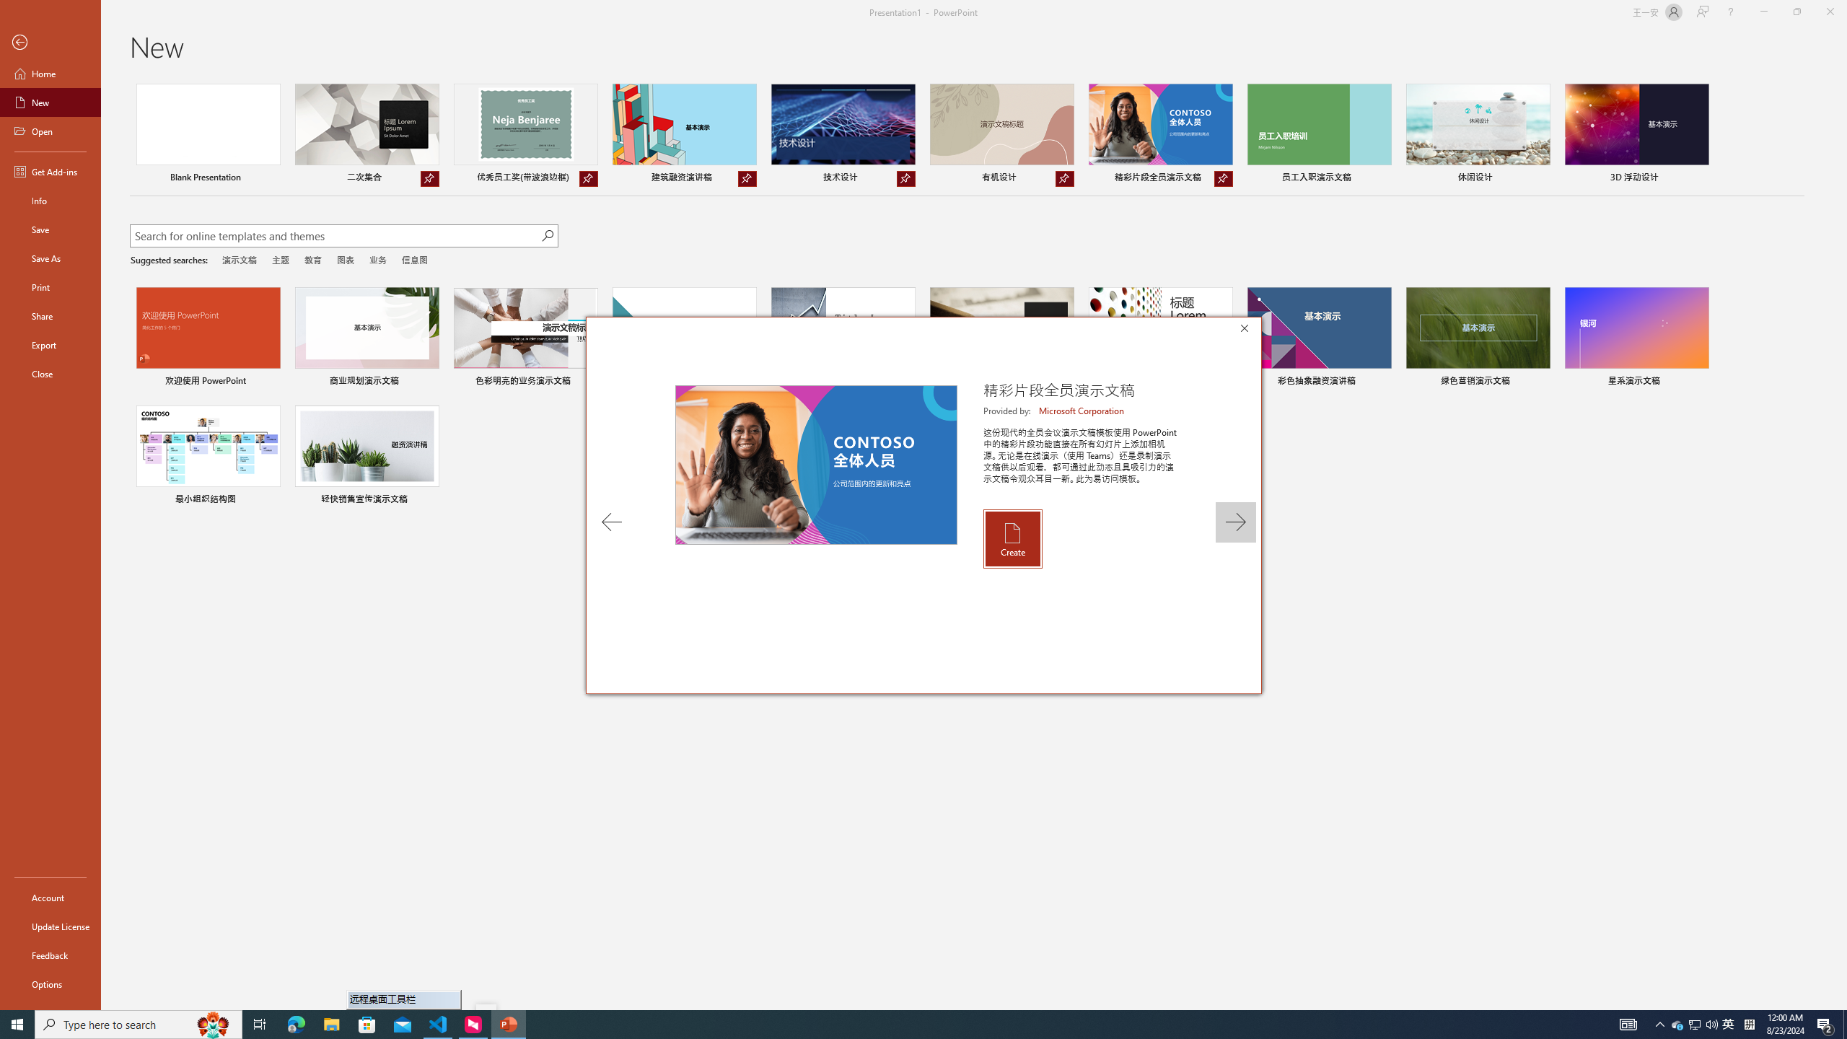  Describe the element at coordinates (1235, 522) in the screenshot. I see `'Next Template'` at that location.